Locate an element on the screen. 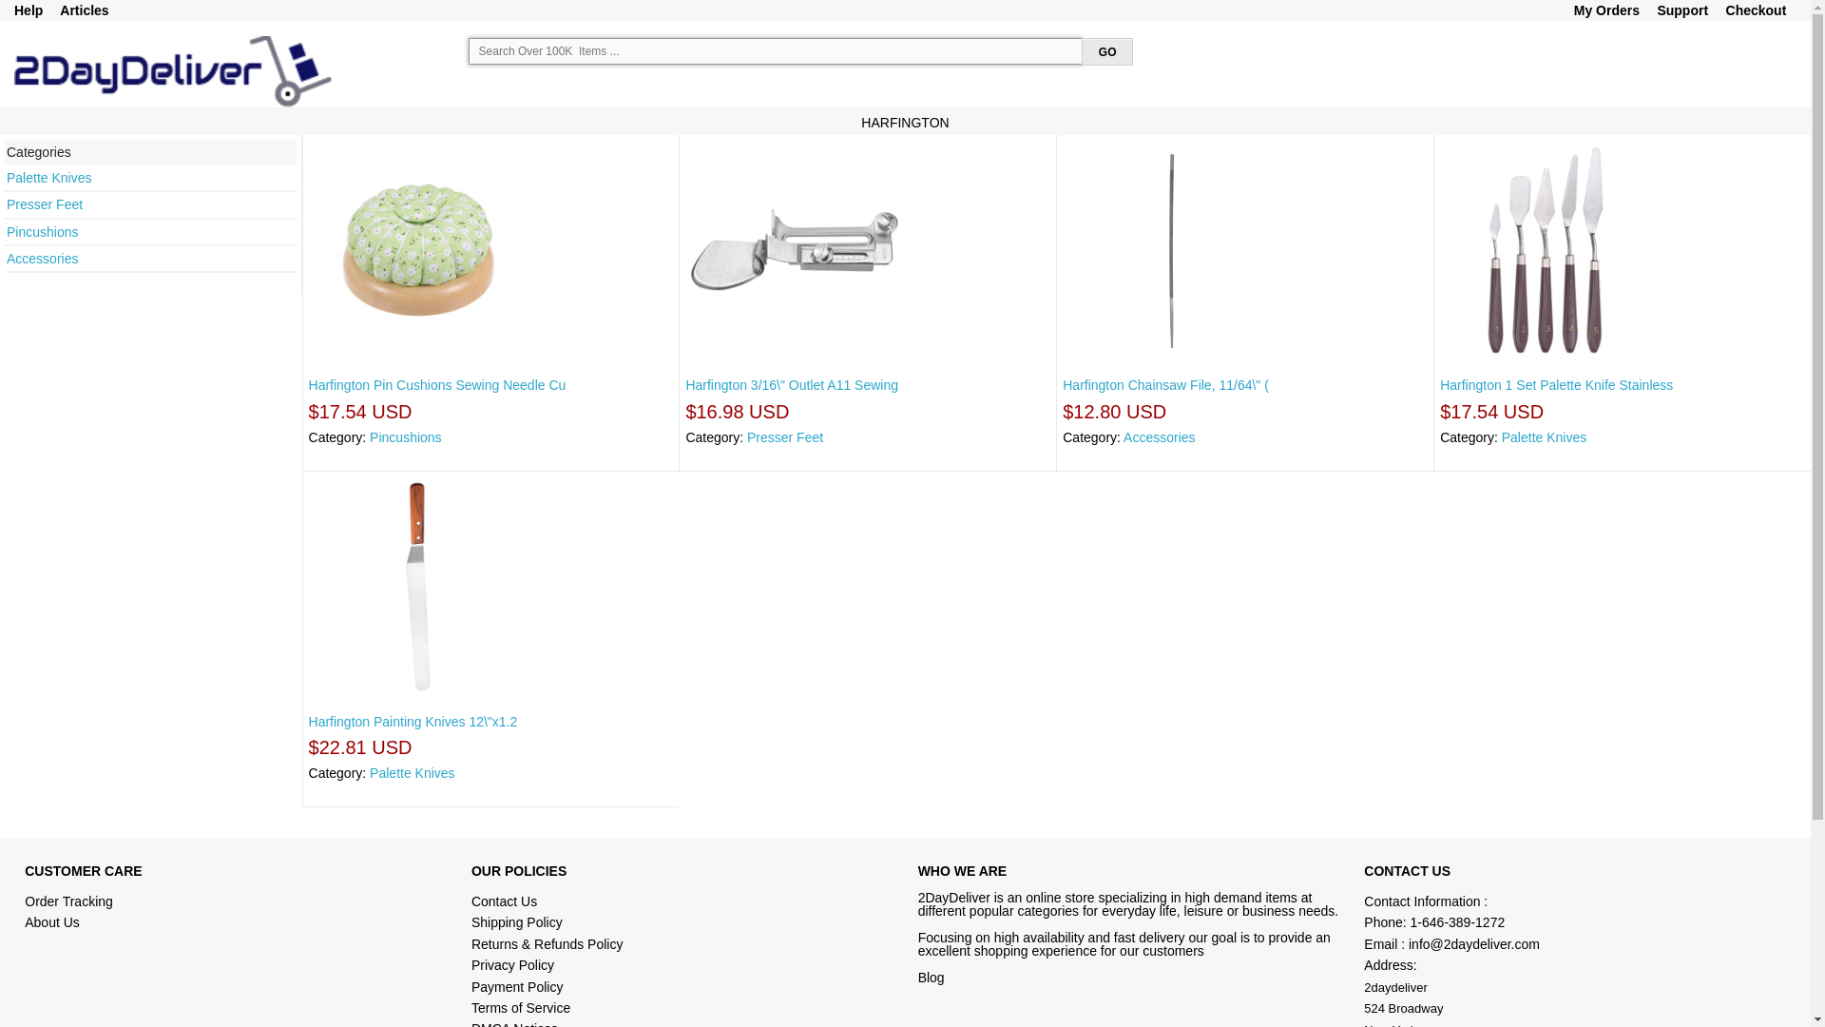  ' GO ' is located at coordinates (1107, 50).